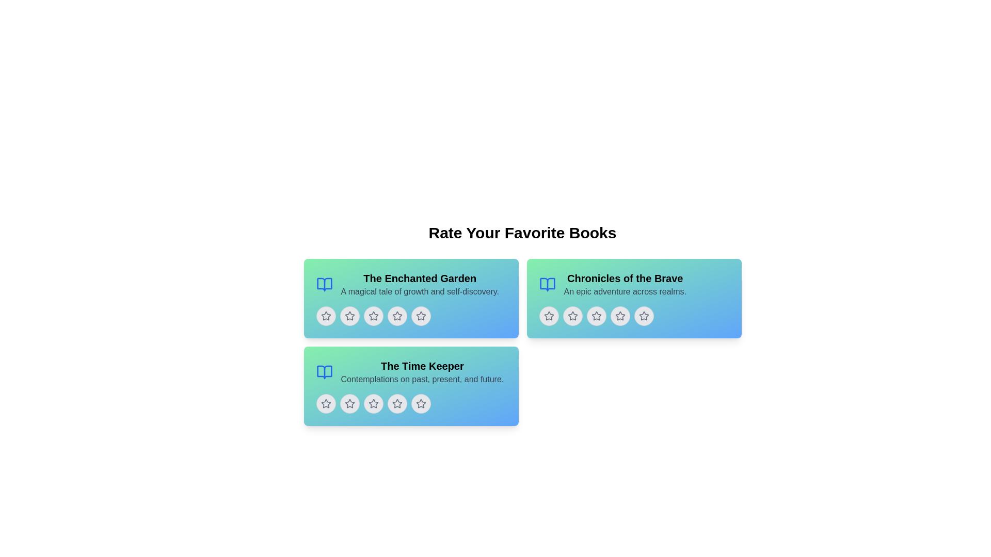 Image resolution: width=991 pixels, height=557 pixels. What do you see at coordinates (421, 403) in the screenshot?
I see `on the fifth rating star icon in the 'Rate Your Favorite Books' section under the card titled 'The Time Keeper'` at bounding box center [421, 403].